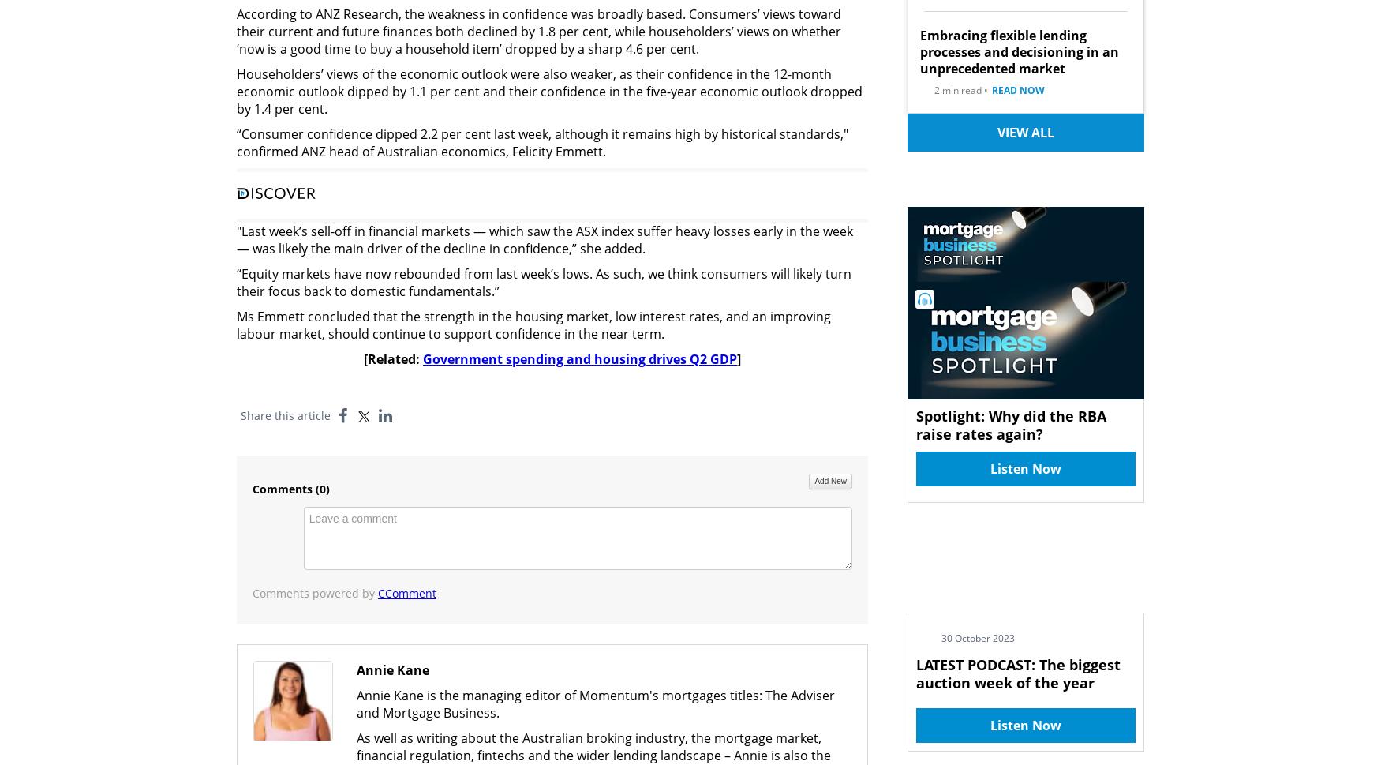 Image resolution: width=1381 pixels, height=765 pixels. Describe the element at coordinates (327, 489) in the screenshot. I see `')'` at that location.